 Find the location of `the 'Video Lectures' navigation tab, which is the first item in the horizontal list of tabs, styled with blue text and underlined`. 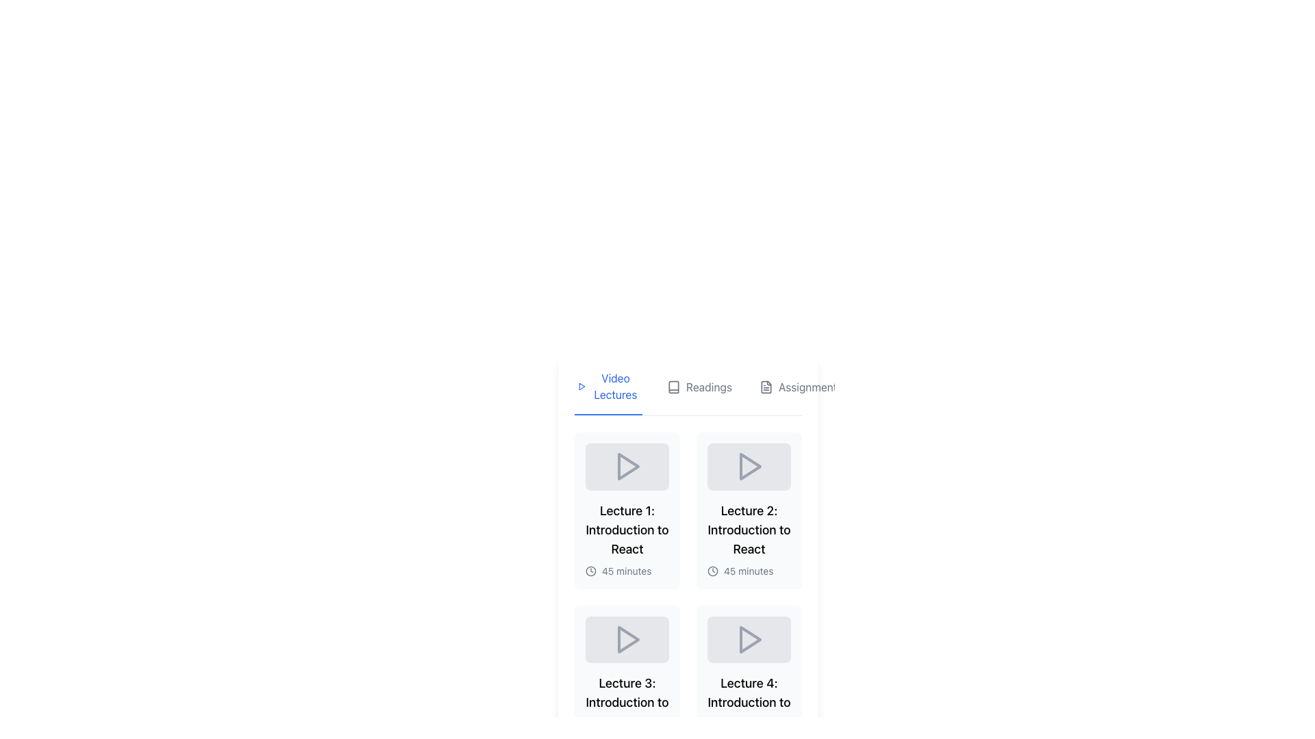

the 'Video Lectures' navigation tab, which is the first item in the horizontal list of tabs, styled with blue text and underlined is located at coordinates (608, 393).